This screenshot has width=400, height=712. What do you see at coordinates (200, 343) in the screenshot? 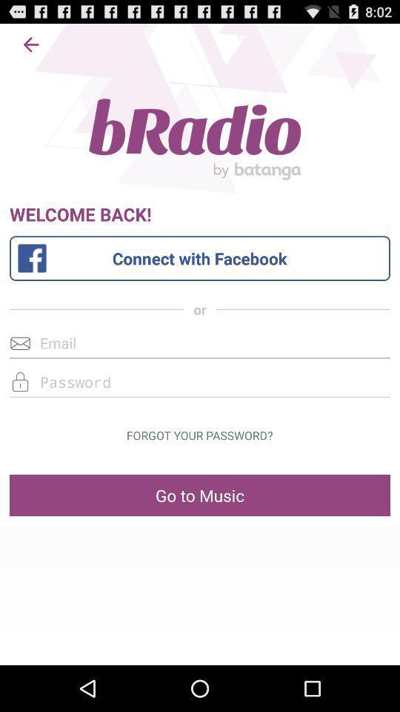
I see `email` at bounding box center [200, 343].